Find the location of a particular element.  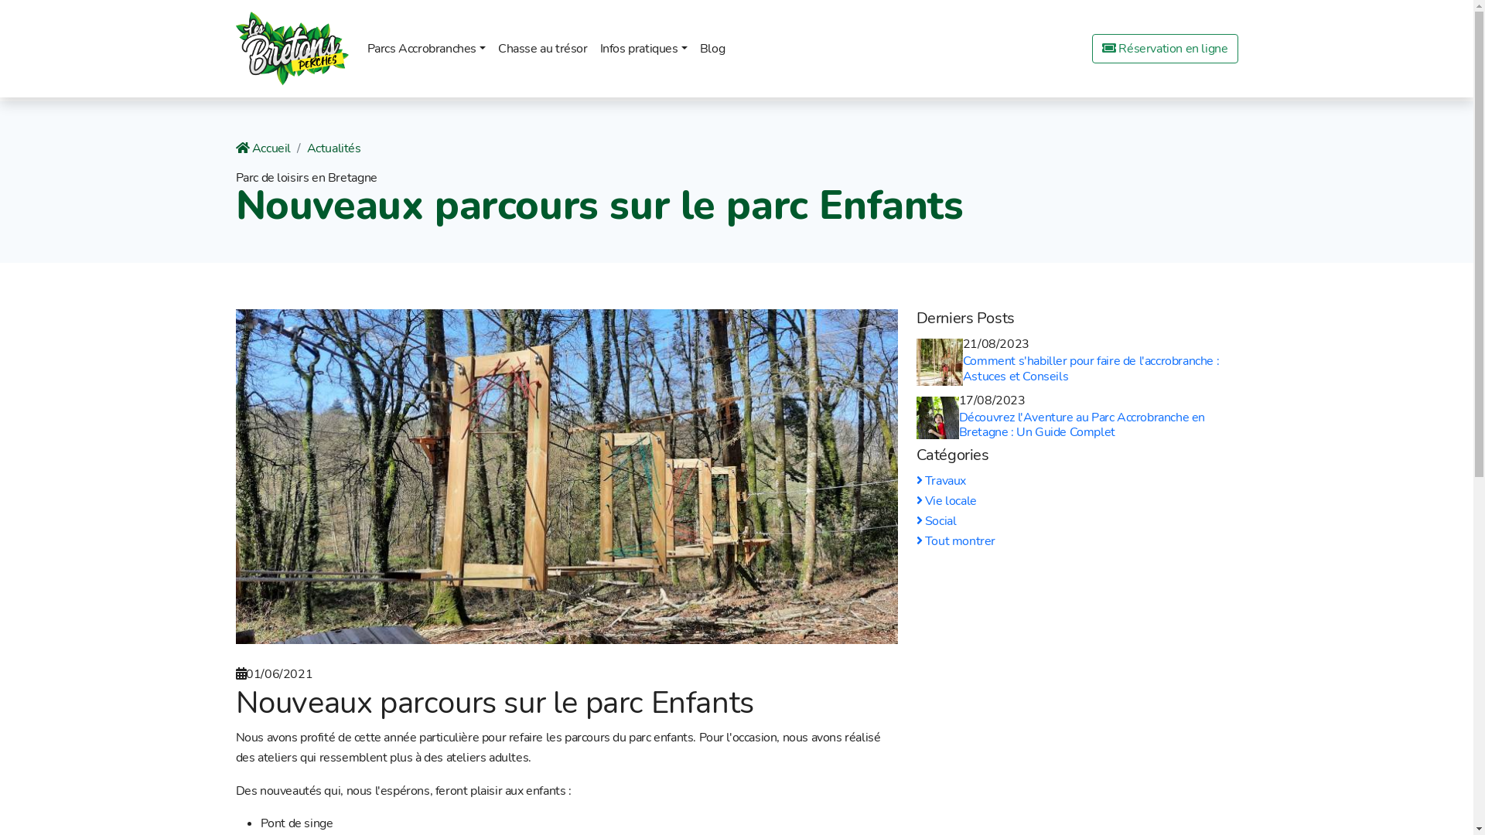

'Social' is located at coordinates (934, 521).